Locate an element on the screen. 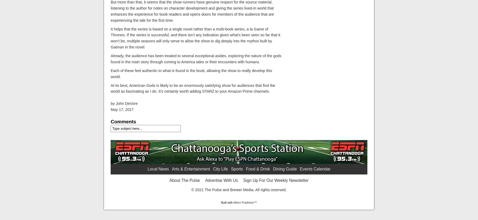  'Dining Guide' is located at coordinates (285, 169).